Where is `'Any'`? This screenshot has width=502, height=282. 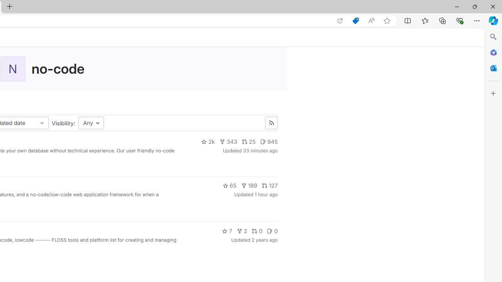
'Any' is located at coordinates (91, 123).